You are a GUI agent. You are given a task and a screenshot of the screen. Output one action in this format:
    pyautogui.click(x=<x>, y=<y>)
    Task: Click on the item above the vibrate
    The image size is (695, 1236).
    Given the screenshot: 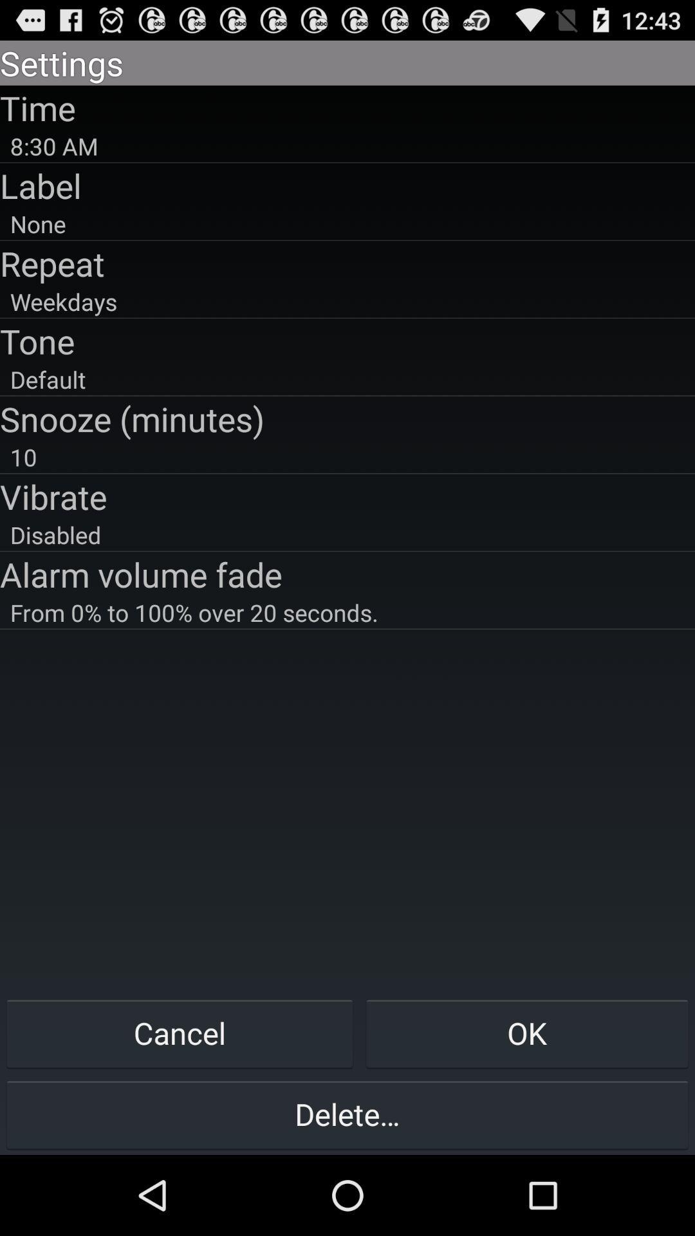 What is the action you would take?
    pyautogui.click(x=347, y=457)
    